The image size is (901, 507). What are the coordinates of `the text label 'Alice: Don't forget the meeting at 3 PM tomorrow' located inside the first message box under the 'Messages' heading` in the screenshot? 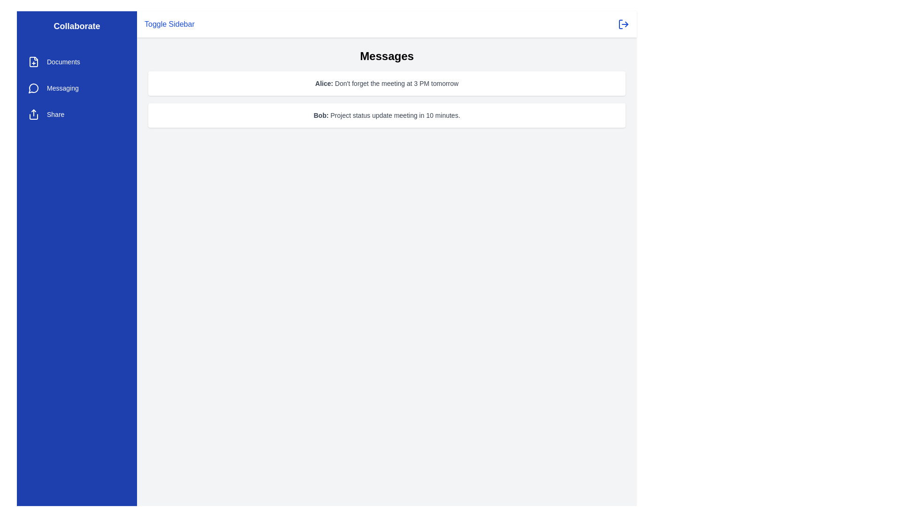 It's located at (324, 83).